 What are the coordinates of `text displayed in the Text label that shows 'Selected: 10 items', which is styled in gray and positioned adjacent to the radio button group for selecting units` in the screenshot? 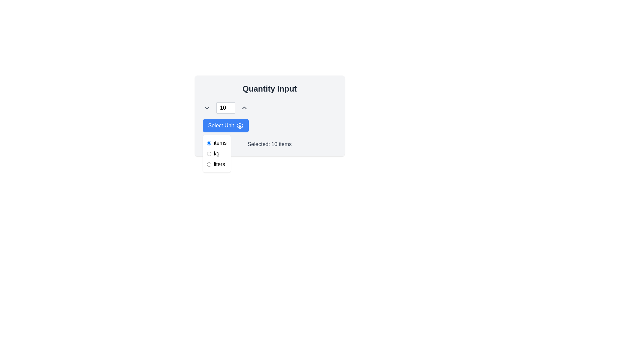 It's located at (270, 144).